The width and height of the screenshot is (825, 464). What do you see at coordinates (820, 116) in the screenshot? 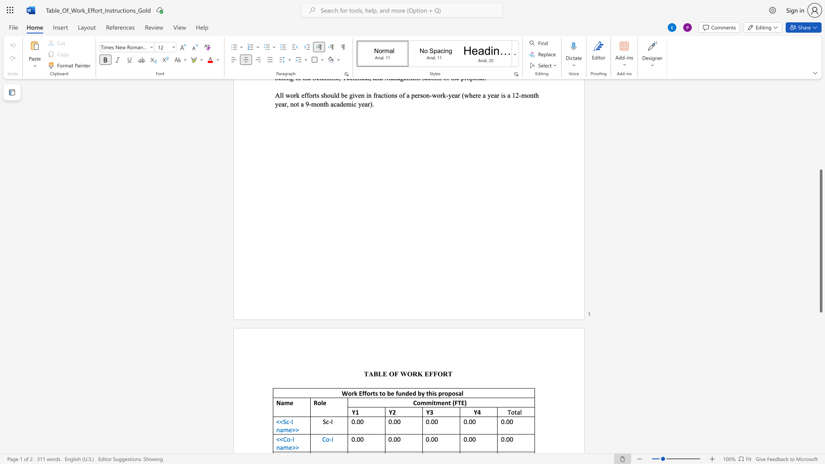
I see `the scrollbar to scroll the page up` at bounding box center [820, 116].